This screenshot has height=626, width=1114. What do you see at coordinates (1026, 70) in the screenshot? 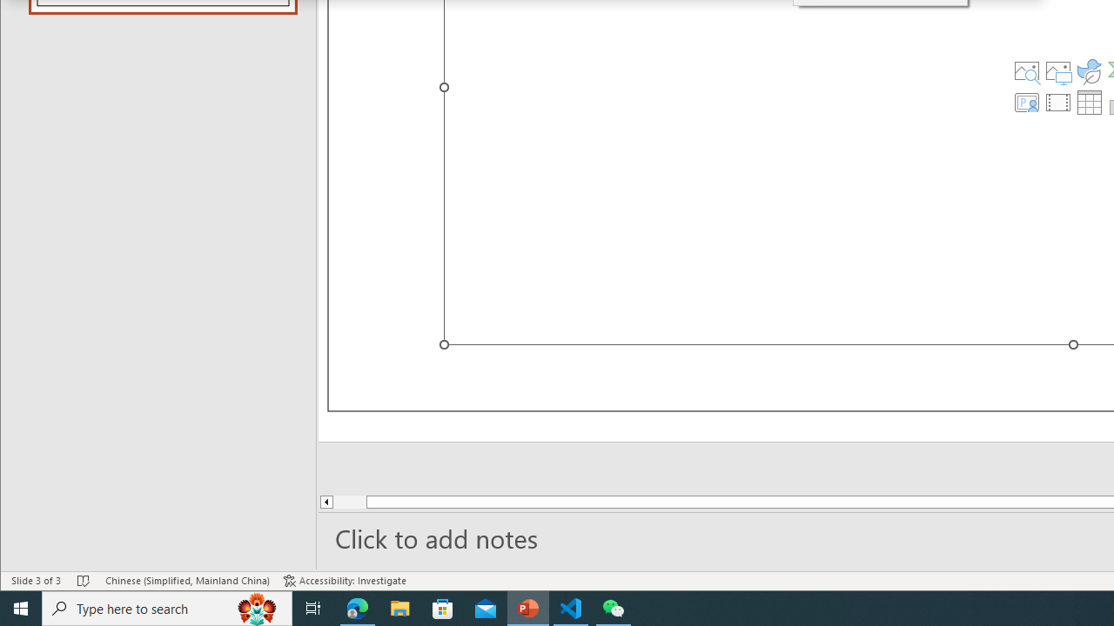
I see `'Stock Images'` at bounding box center [1026, 70].